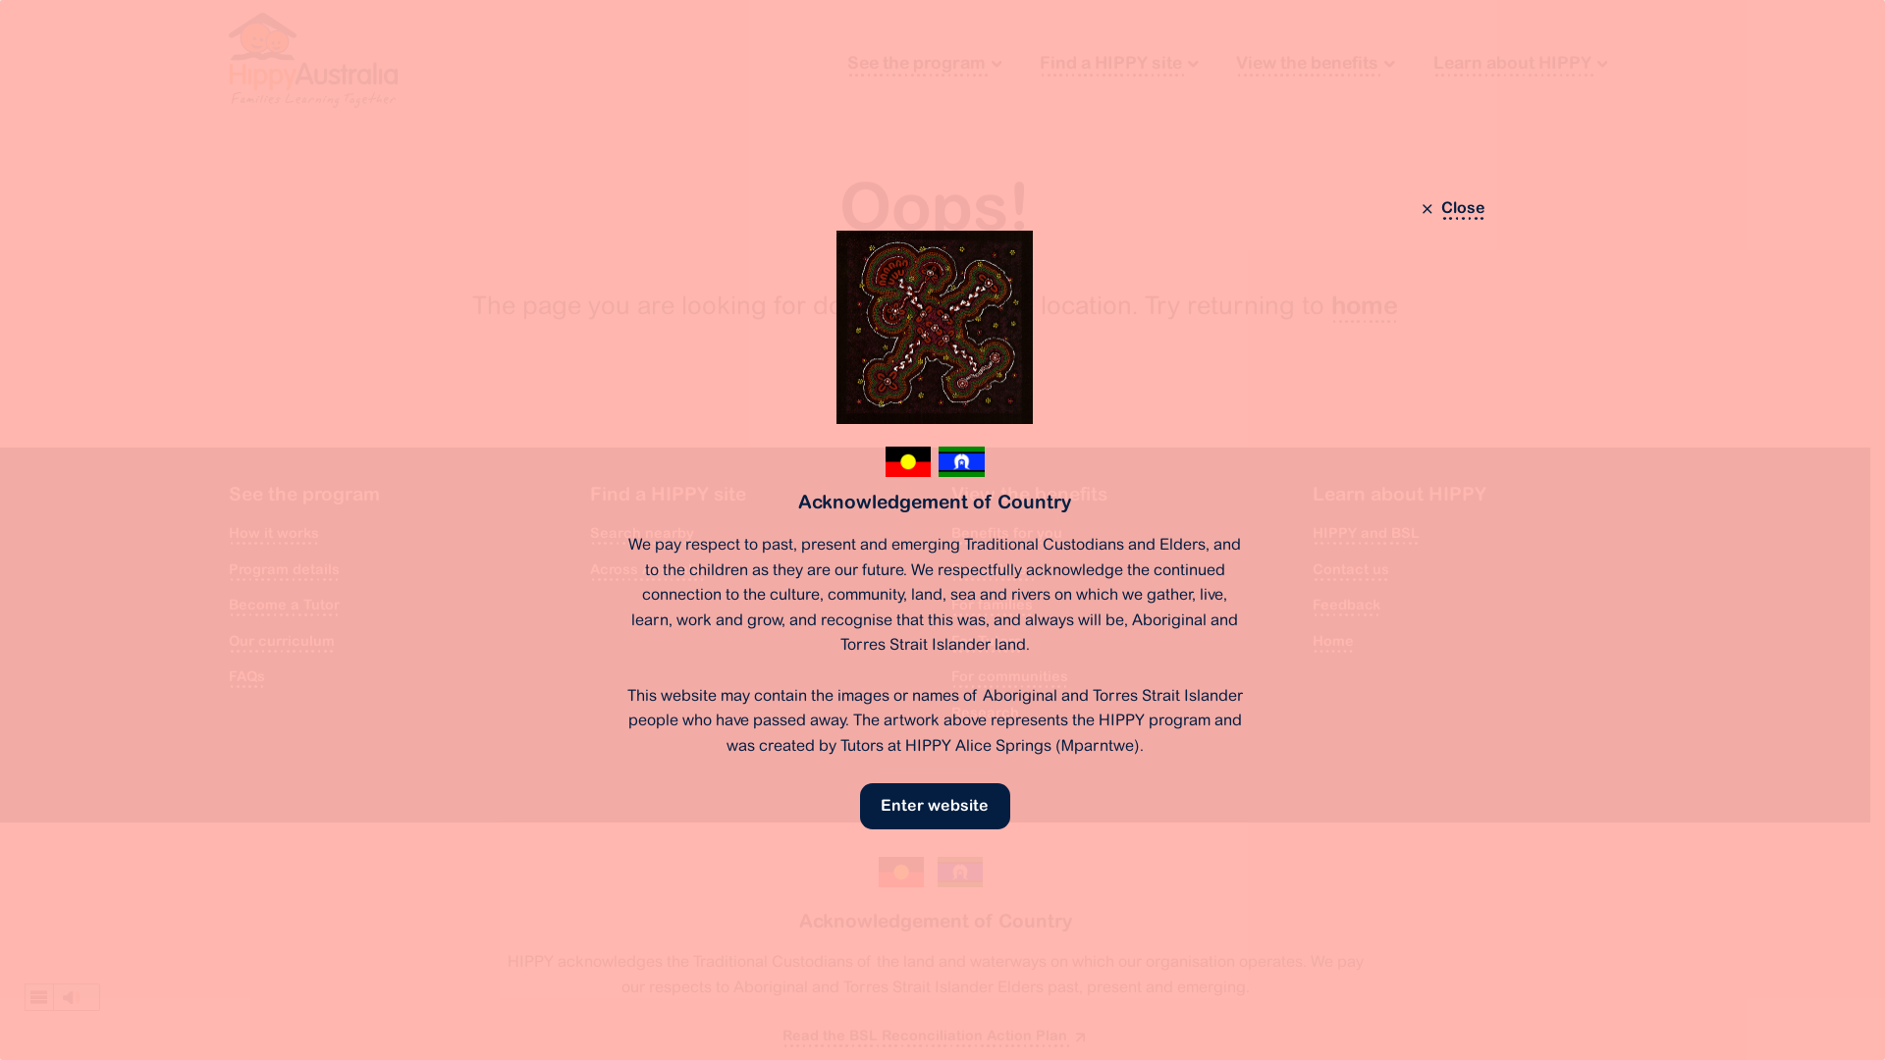 The width and height of the screenshot is (1885, 1060). What do you see at coordinates (933, 1035) in the screenshot?
I see `'Read the BSL Reconciliation Action Plan'` at bounding box center [933, 1035].